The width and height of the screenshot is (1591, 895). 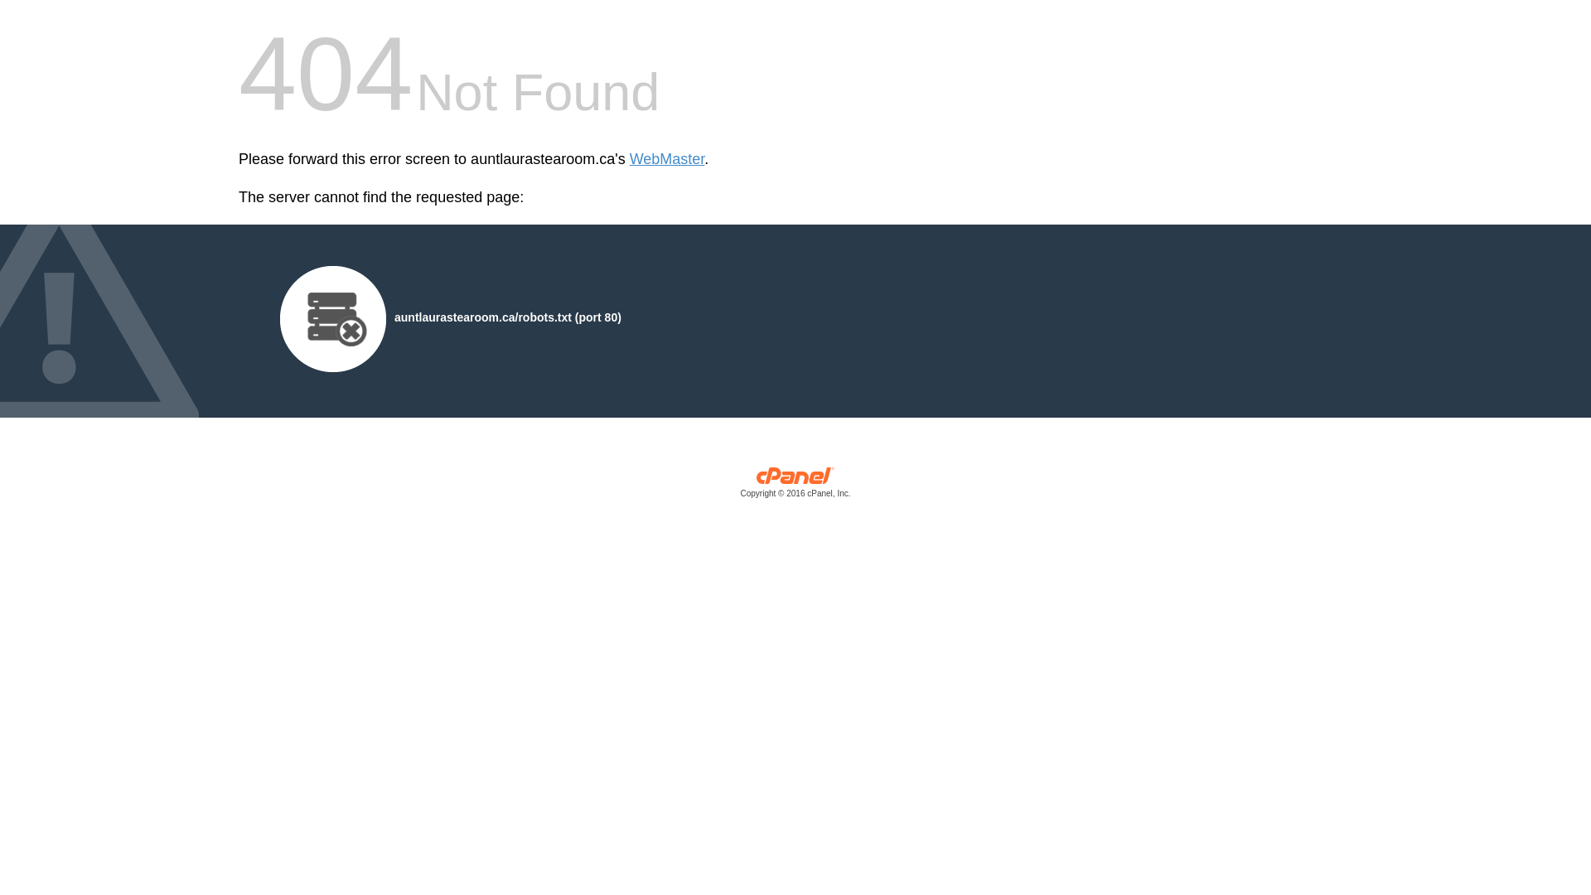 What do you see at coordinates (667, 159) in the screenshot?
I see `'WebMaster'` at bounding box center [667, 159].